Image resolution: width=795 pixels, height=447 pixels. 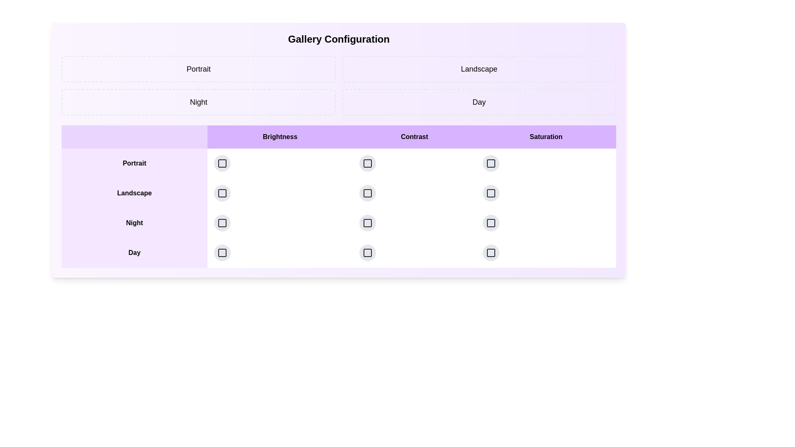 I want to click on the 'Day' option selector, which is the fourth rectangular option in a grid layout with a dashed border and light purple background, so click(x=479, y=101).